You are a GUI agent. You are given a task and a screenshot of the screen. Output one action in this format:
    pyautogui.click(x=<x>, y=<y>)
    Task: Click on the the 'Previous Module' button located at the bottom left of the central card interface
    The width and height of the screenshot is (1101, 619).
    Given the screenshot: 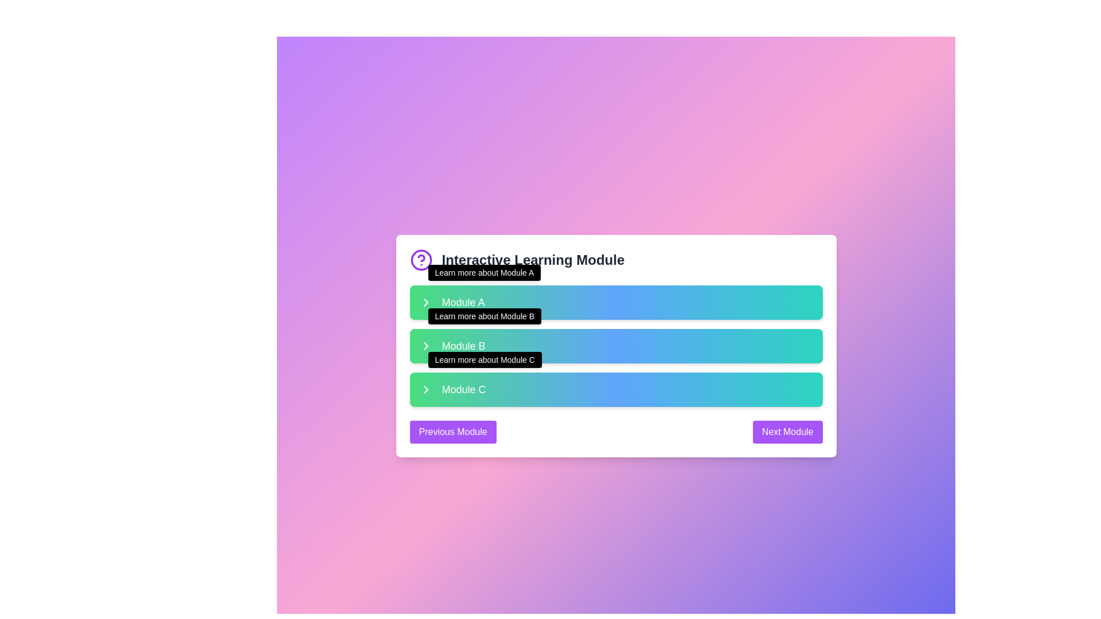 What is the action you would take?
    pyautogui.click(x=452, y=432)
    